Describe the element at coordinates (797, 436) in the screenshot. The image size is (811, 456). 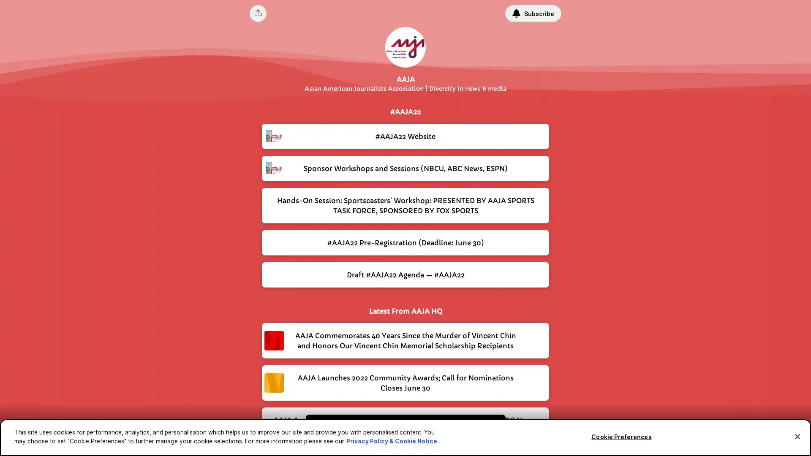
I see `Close` at that location.